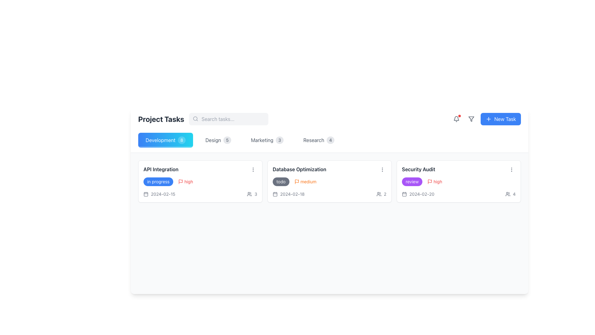  Describe the element at coordinates (292, 194) in the screenshot. I see `the text label displaying the date related to the 'Database Optimization' task` at that location.